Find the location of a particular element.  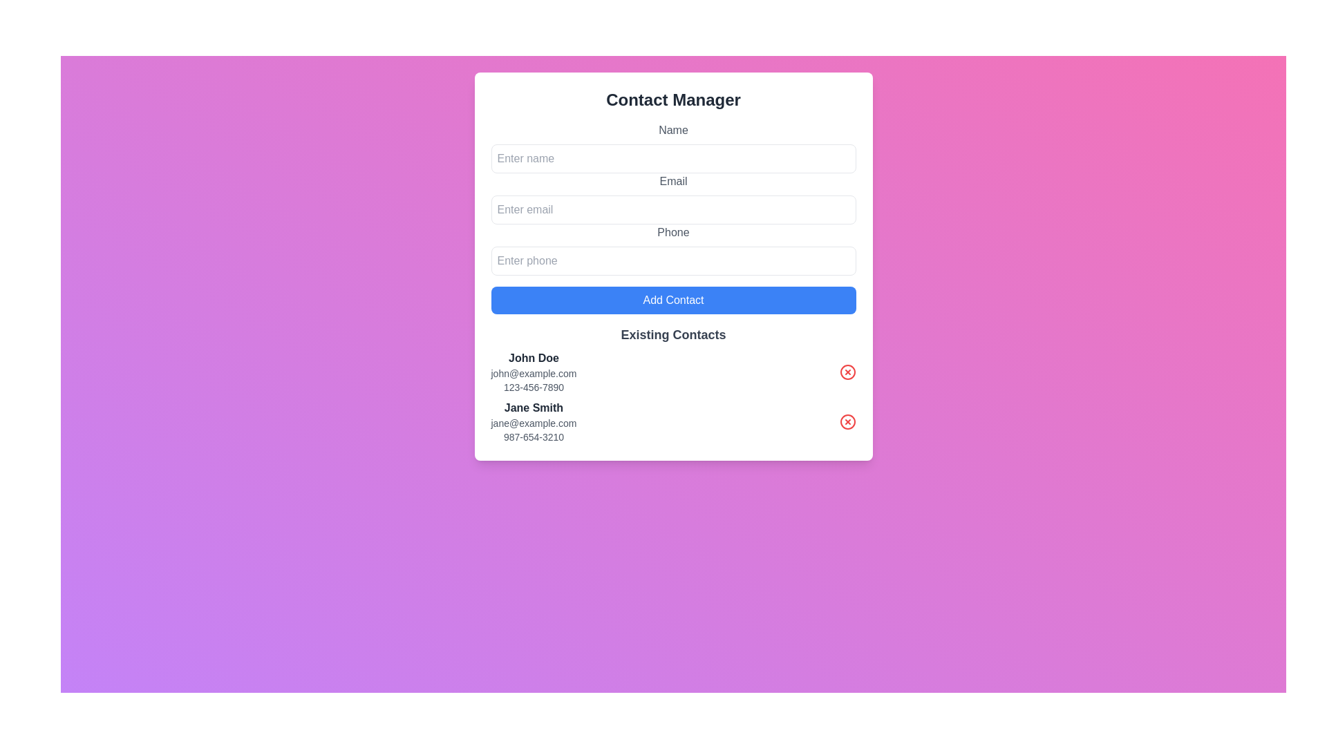

the topmost contact entry is located at coordinates (533, 372).